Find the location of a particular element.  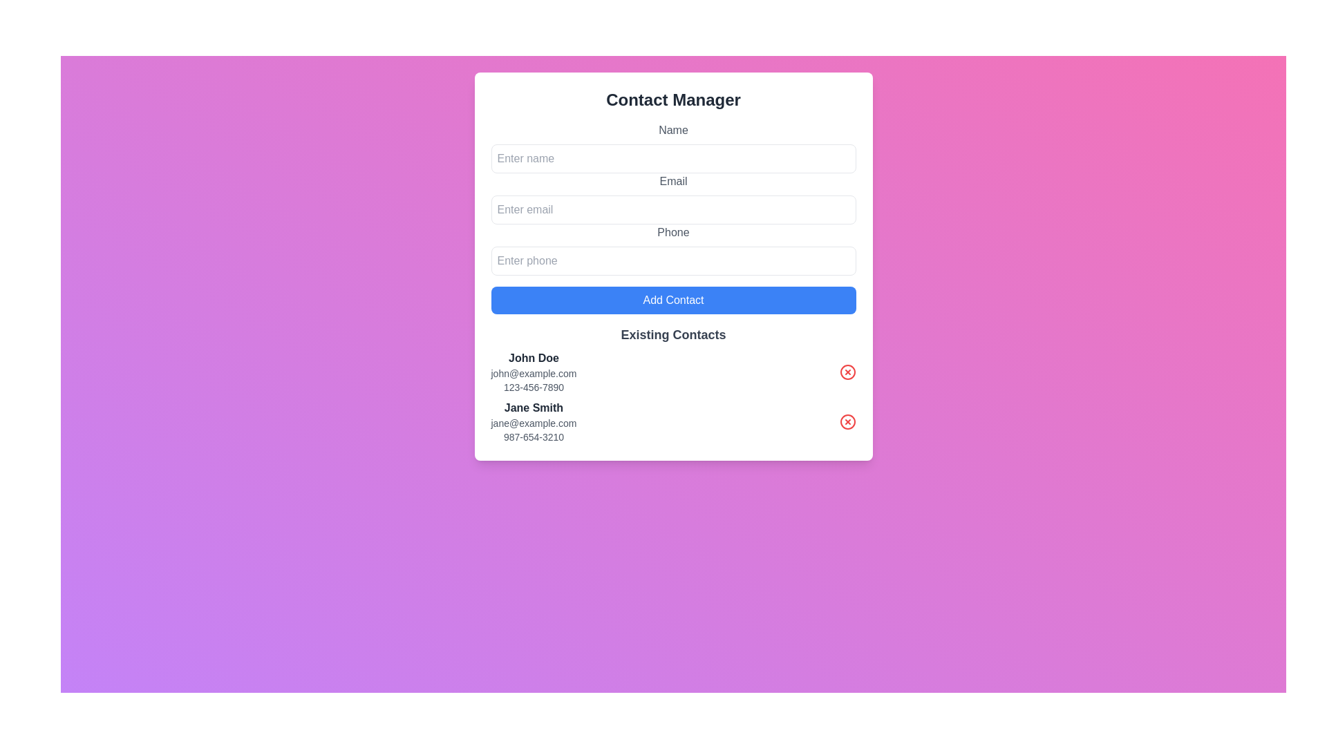

the topmost contact entry is located at coordinates (533, 372).